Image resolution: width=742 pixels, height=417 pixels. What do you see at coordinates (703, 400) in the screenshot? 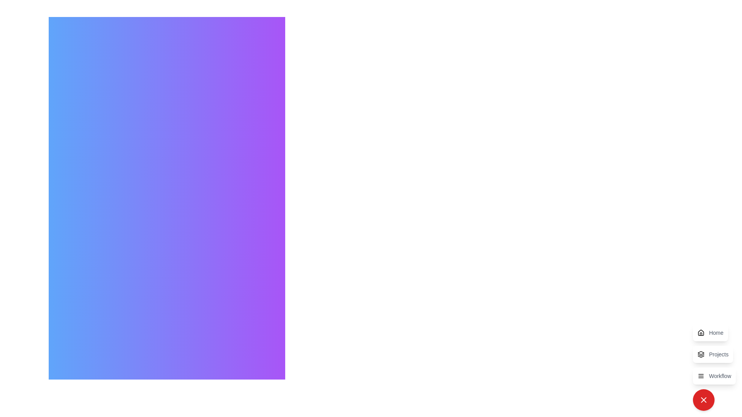
I see `the red circular button at the bottom-right corner to toggle the menu visibility` at bounding box center [703, 400].